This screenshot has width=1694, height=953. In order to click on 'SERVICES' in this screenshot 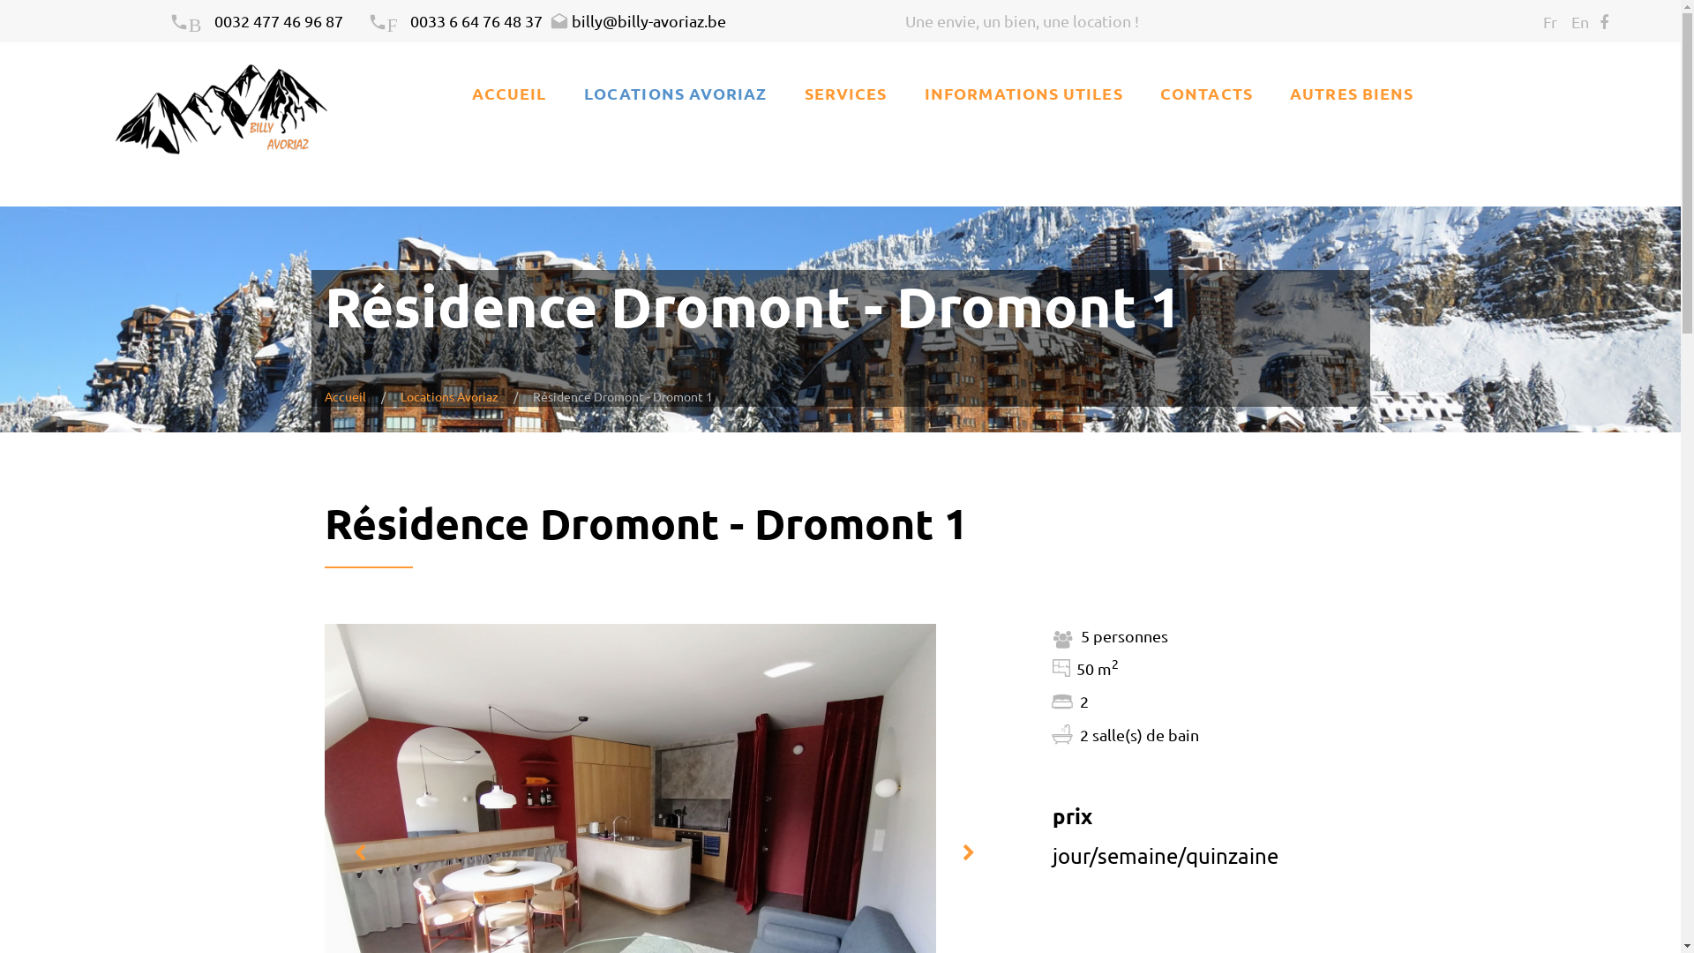, I will do `click(845, 93)`.